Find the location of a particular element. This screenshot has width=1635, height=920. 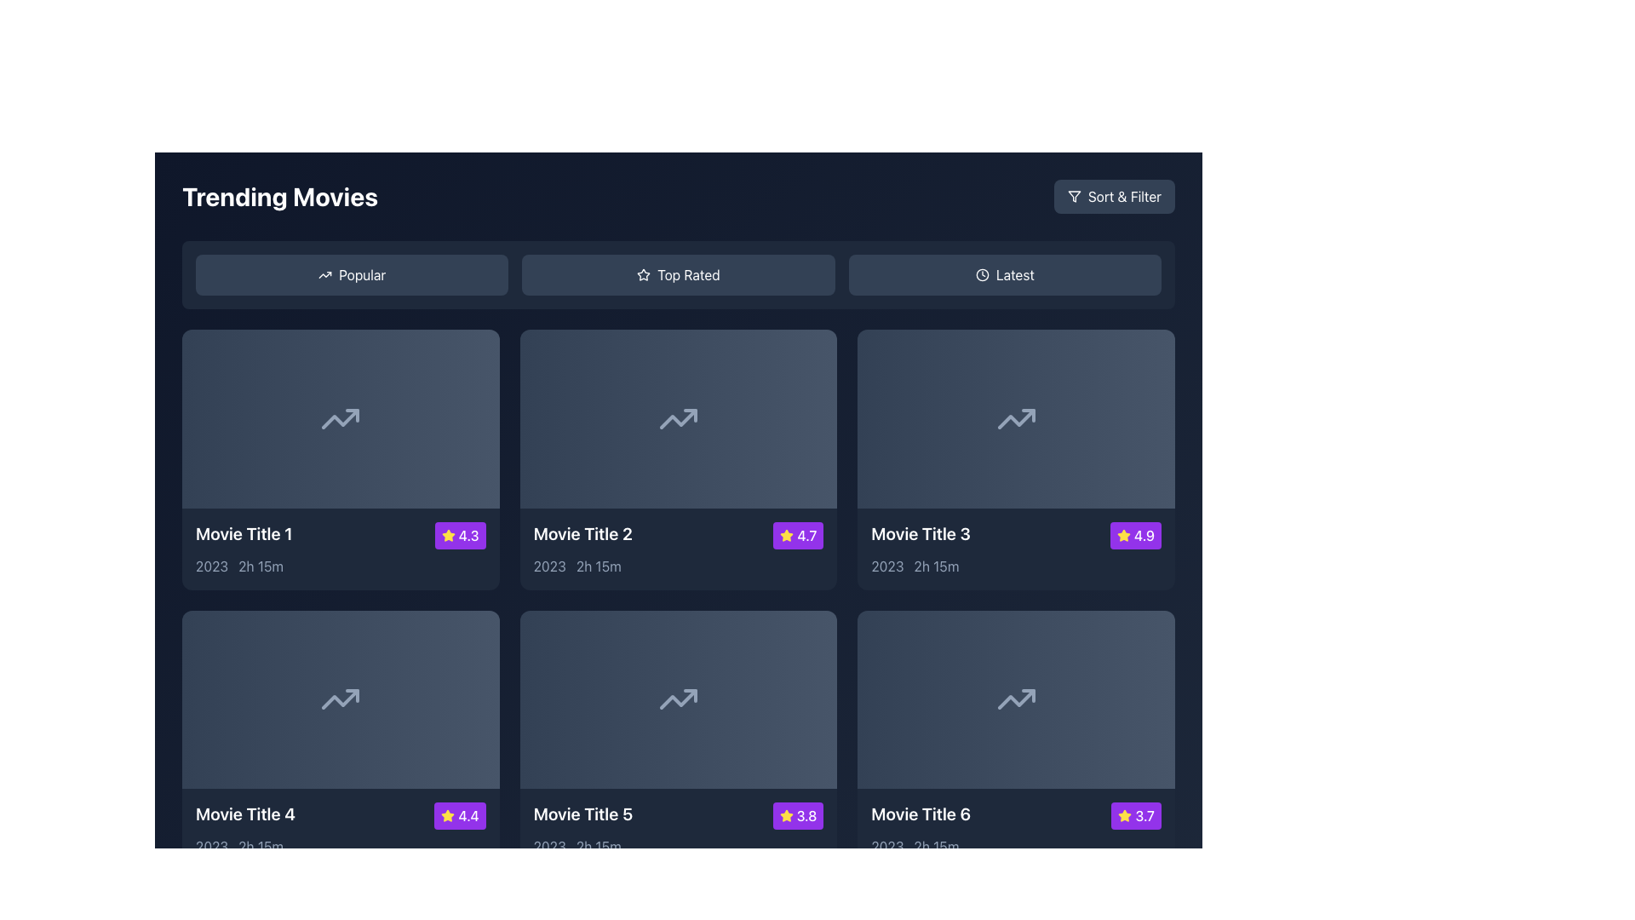

the text element displaying '2h 15m' in light gray font, located below the title and thumbnail image of 'Movie Title 2' is located at coordinates (599, 566).